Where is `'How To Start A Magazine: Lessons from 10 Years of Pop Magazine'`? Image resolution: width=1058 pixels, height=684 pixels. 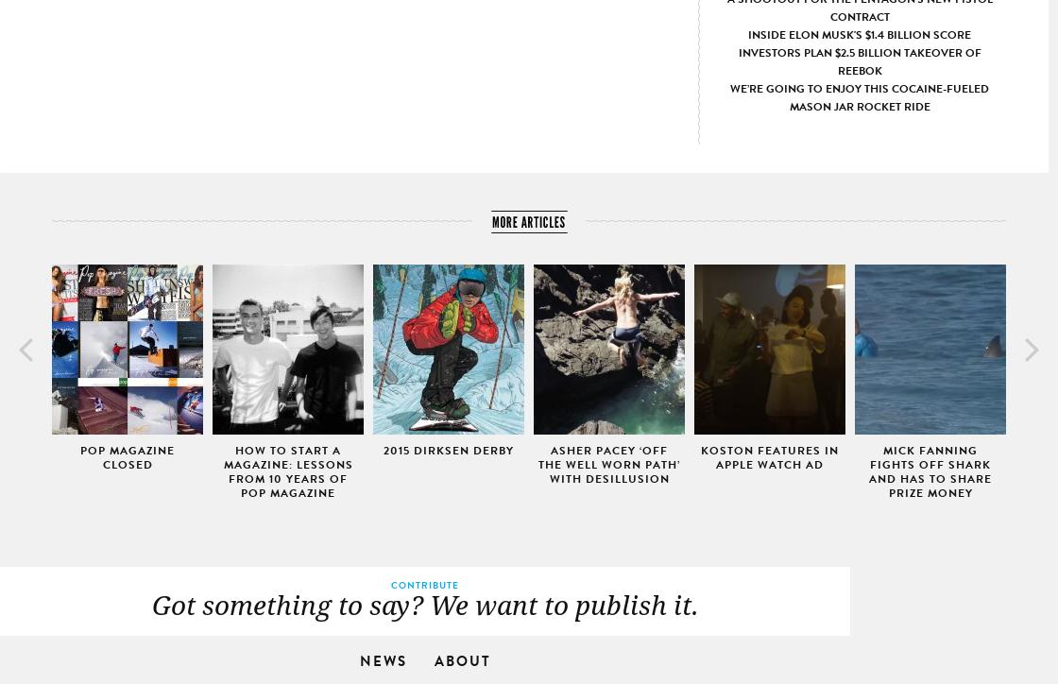
'How To Start A Magazine: Lessons from 10 Years of Pop Magazine' is located at coordinates (287, 470).